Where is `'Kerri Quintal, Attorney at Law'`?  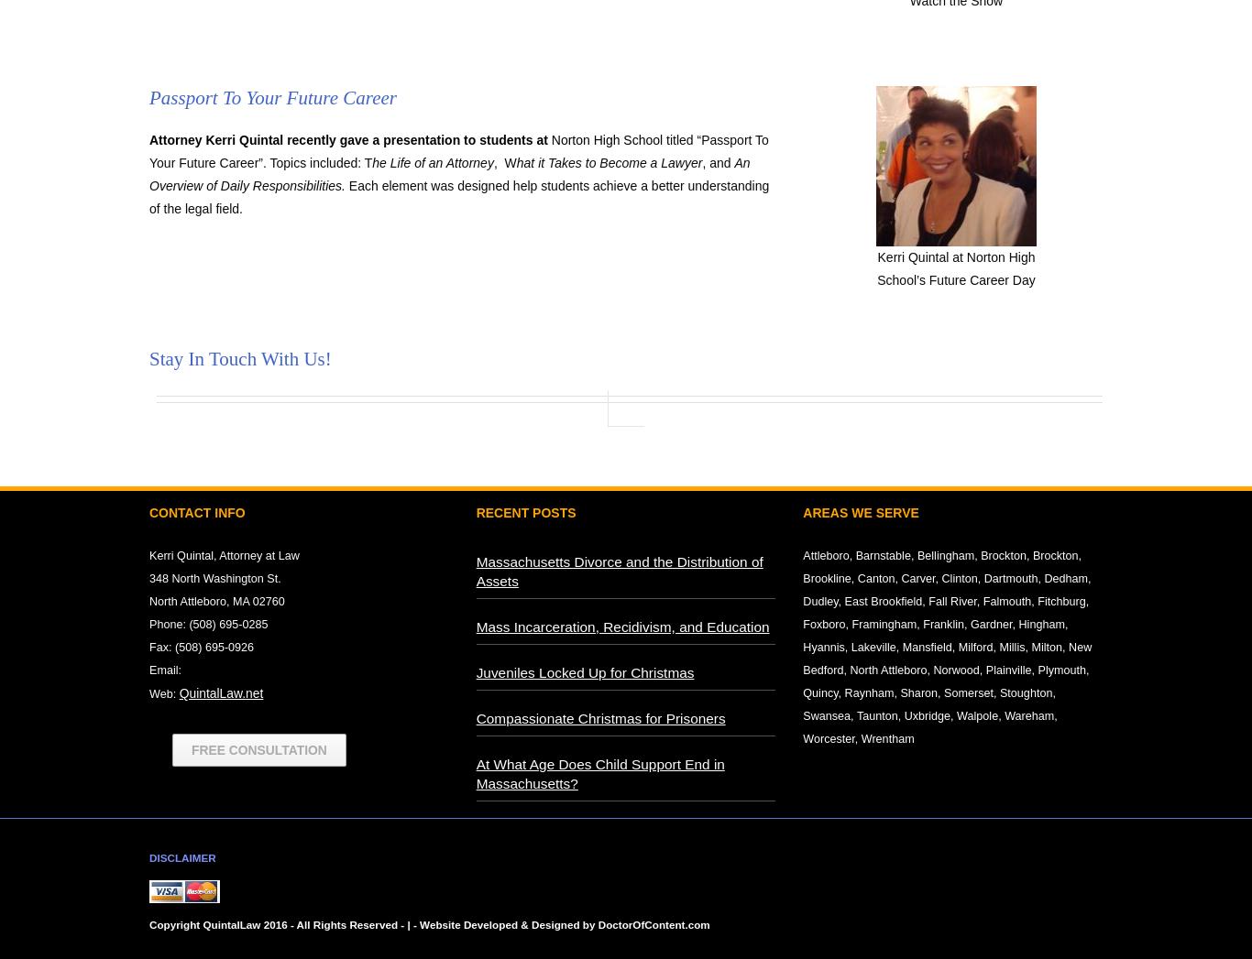
'Kerri Quintal, Attorney at Law' is located at coordinates (224, 555).